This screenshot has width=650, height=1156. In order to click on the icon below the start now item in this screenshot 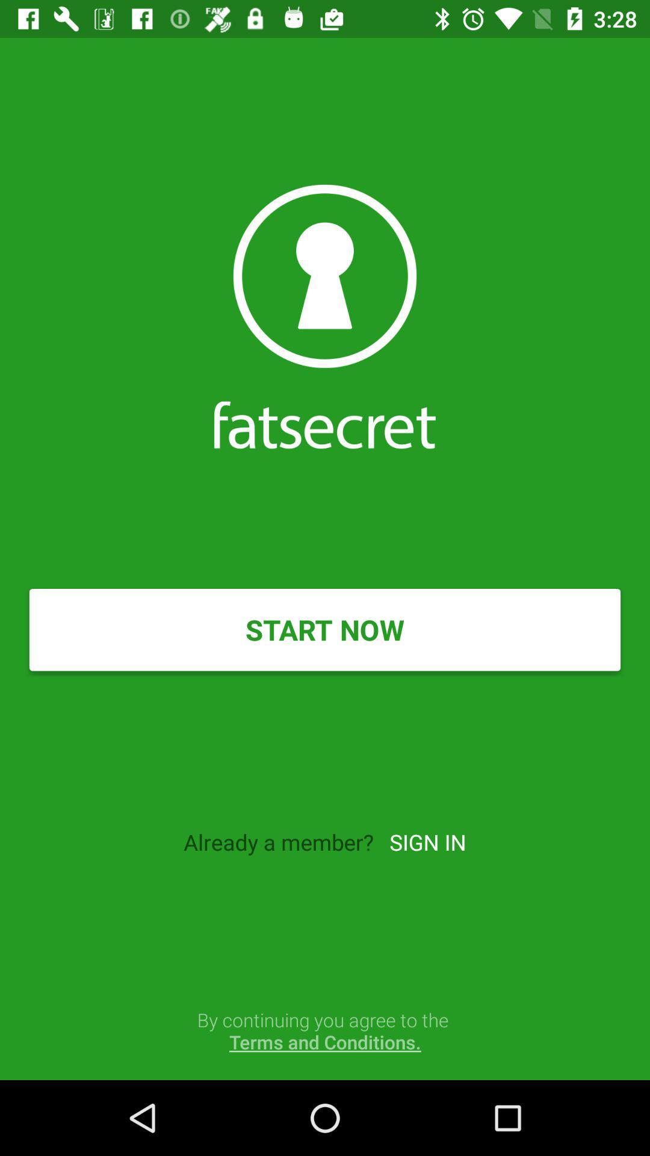, I will do `click(427, 841)`.